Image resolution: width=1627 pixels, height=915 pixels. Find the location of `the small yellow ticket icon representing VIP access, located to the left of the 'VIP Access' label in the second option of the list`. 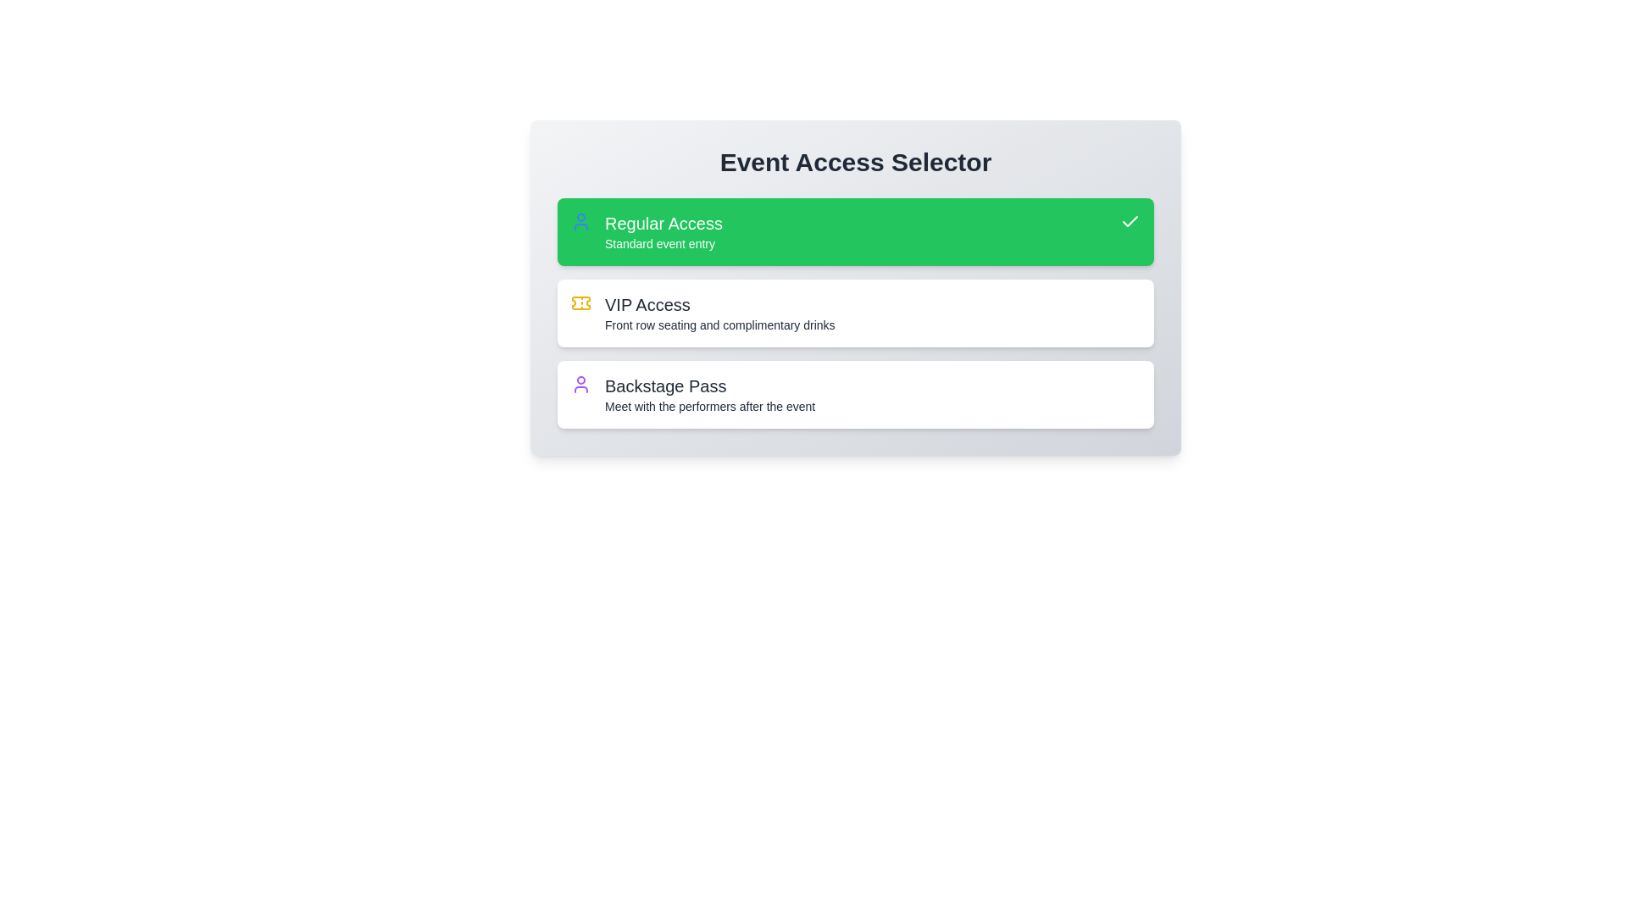

the small yellow ticket icon representing VIP access, located to the left of the 'VIP Access' label in the second option of the list is located at coordinates (581, 313).